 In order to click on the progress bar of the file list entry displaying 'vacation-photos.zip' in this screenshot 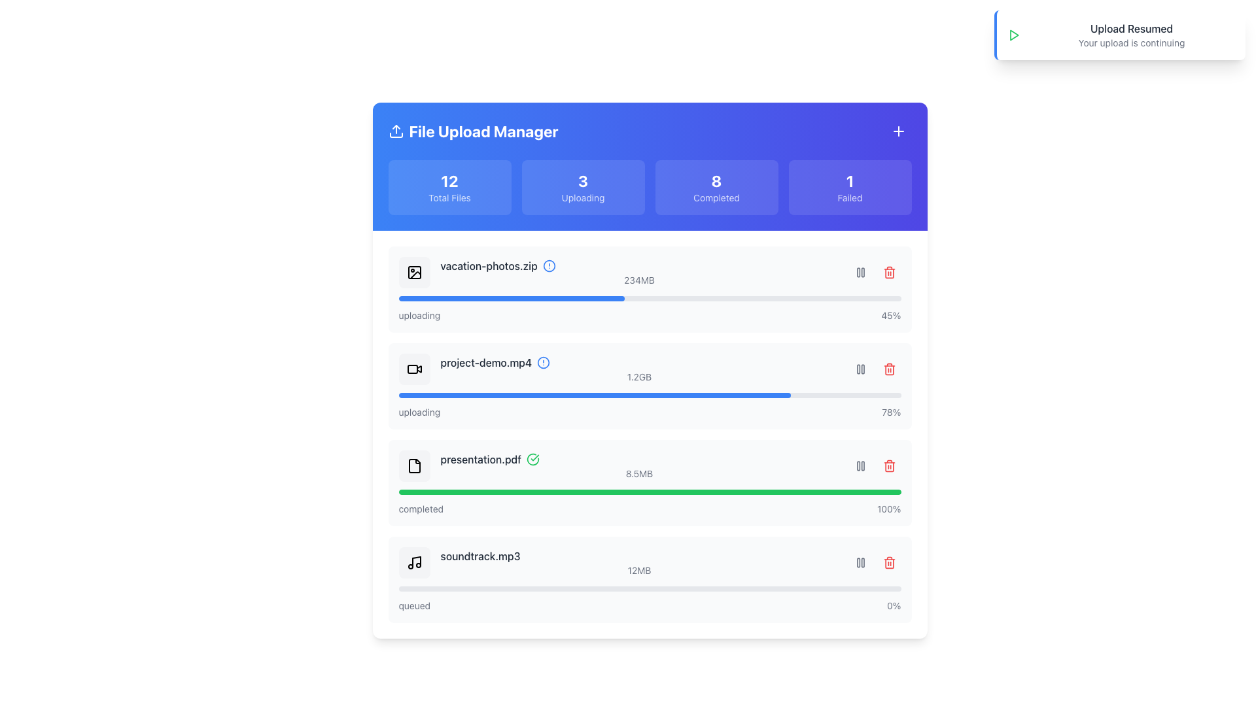, I will do `click(639, 271)`.